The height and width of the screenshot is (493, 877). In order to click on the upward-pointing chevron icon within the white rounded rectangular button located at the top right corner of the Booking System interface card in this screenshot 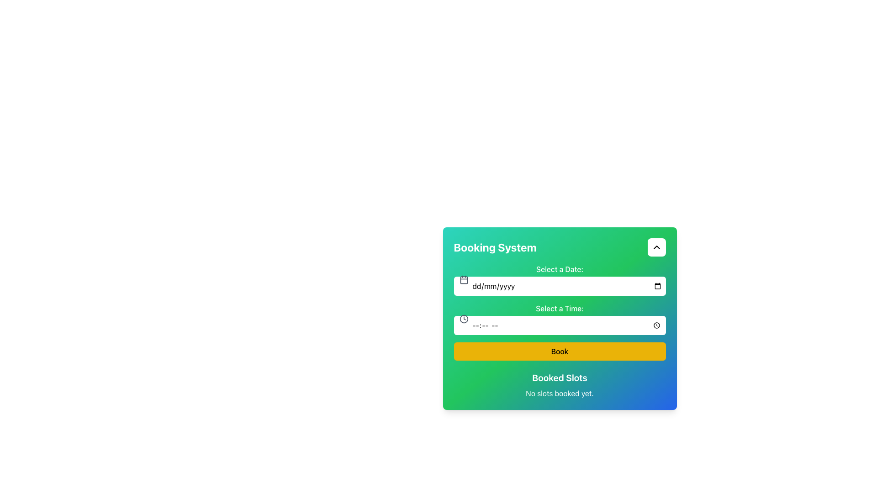, I will do `click(656, 247)`.